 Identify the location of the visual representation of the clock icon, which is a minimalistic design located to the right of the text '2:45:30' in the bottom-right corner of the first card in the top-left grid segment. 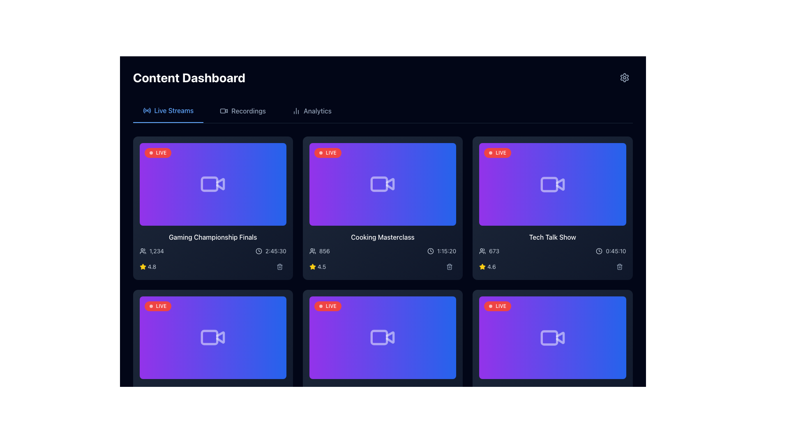
(258, 250).